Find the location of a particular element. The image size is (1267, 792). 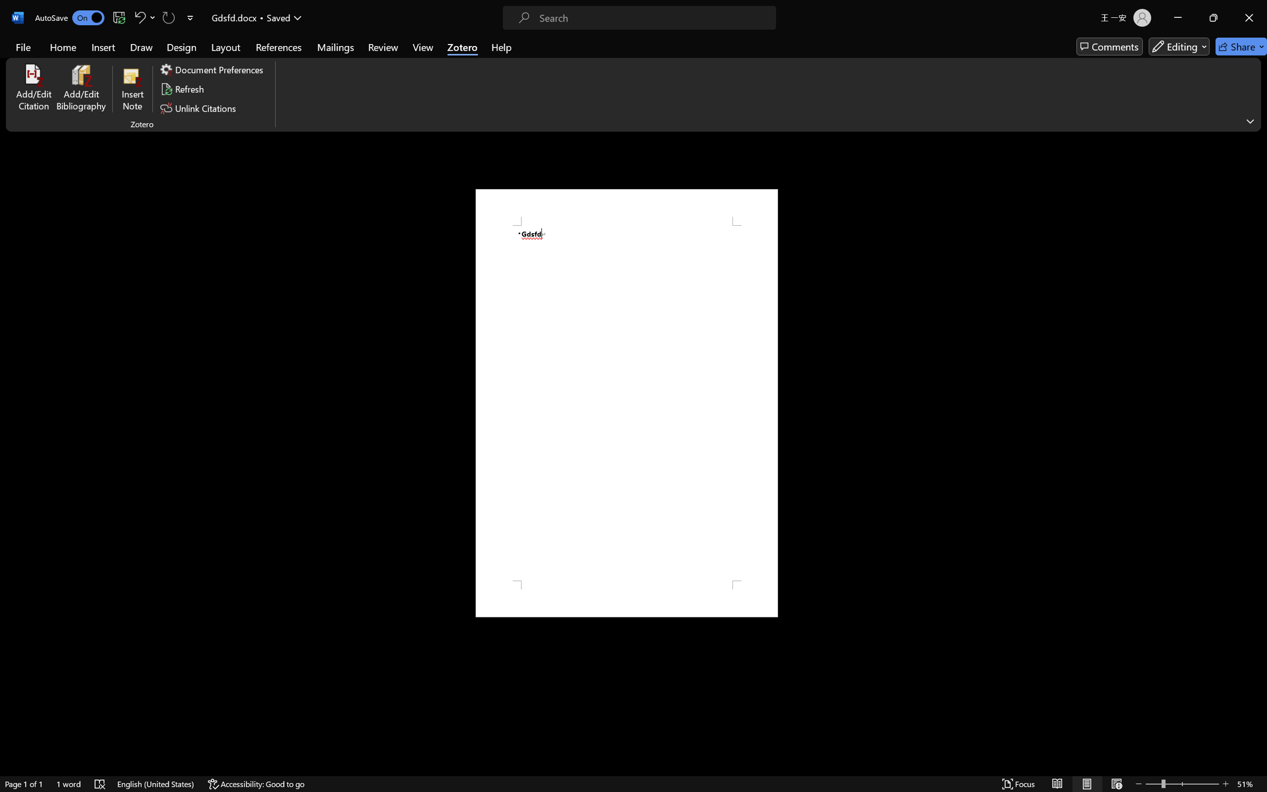

'Line Spacing' is located at coordinates (376, 48).